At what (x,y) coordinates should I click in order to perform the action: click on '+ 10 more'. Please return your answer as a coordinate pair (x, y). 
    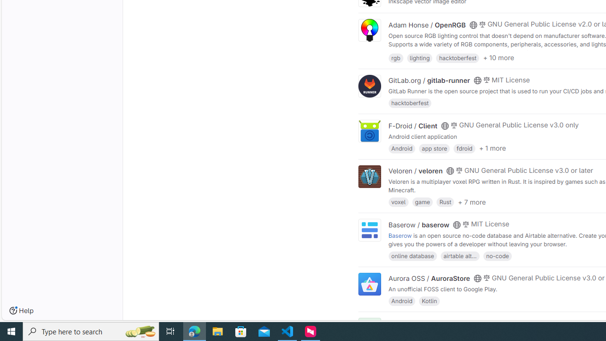
    Looking at the image, I should click on (498, 58).